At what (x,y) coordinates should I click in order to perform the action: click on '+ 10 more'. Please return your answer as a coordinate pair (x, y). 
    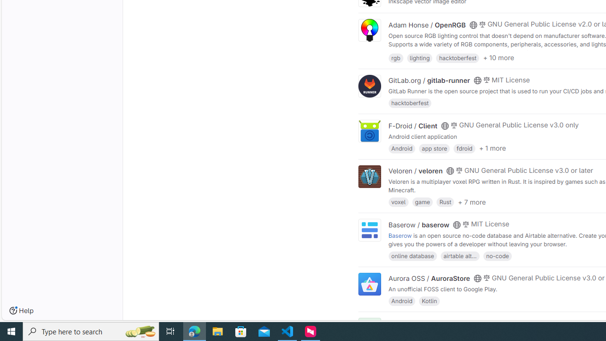
    Looking at the image, I should click on (498, 58).